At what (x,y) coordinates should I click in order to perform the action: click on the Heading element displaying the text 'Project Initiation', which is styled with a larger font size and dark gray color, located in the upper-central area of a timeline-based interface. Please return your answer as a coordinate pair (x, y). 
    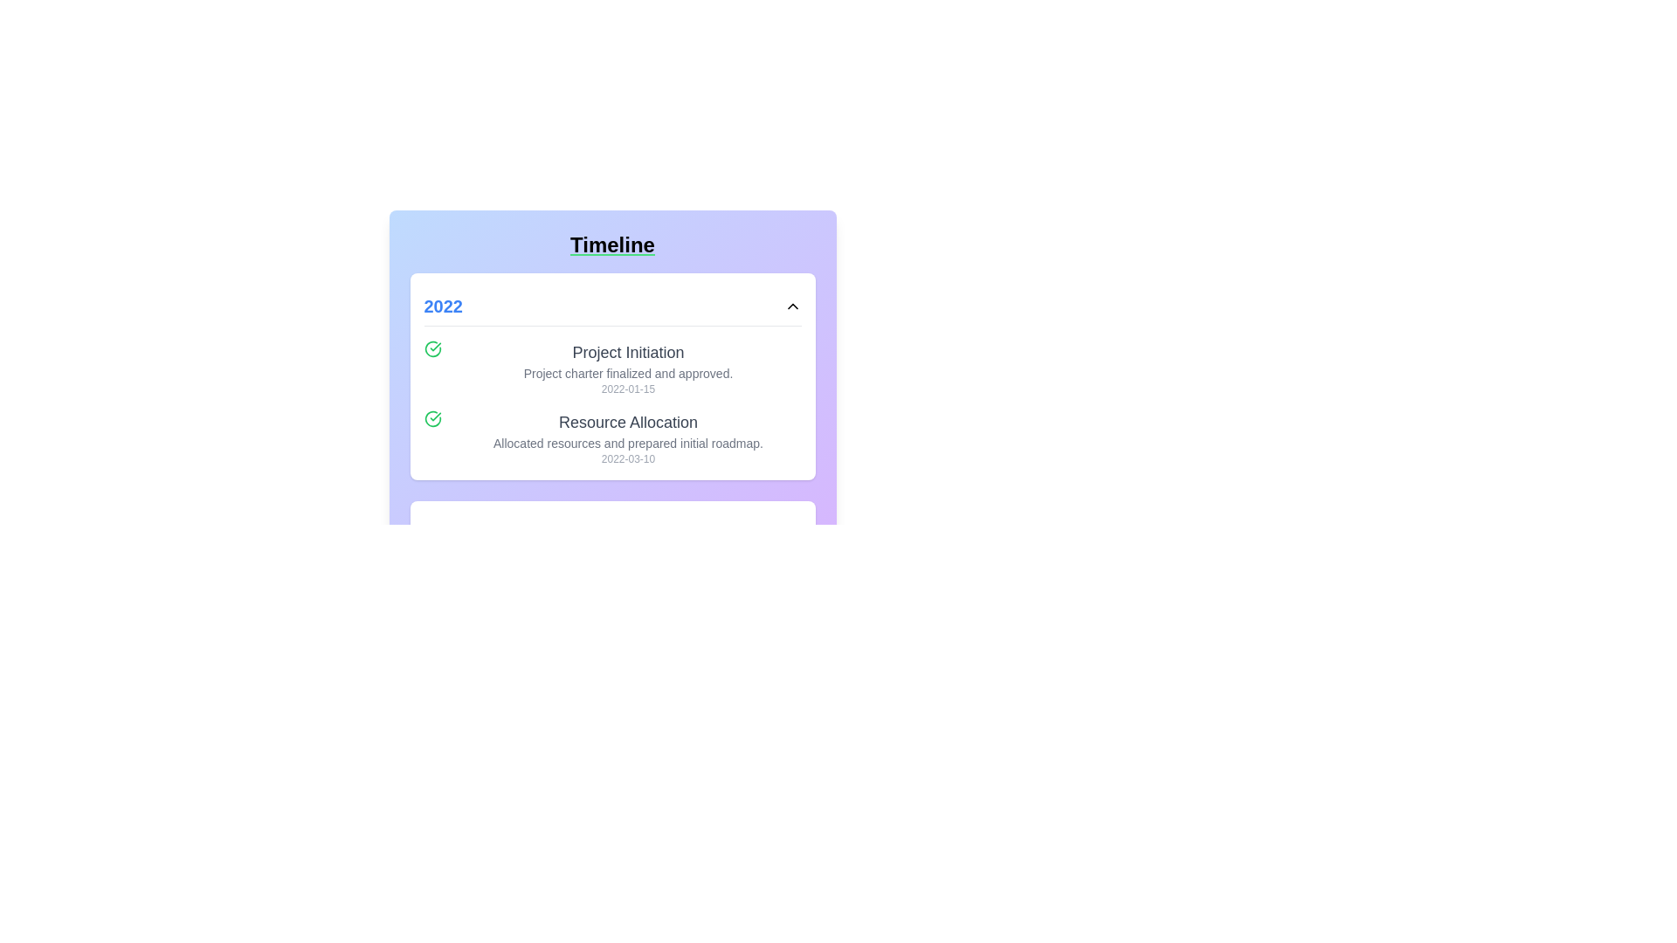
    Looking at the image, I should click on (628, 353).